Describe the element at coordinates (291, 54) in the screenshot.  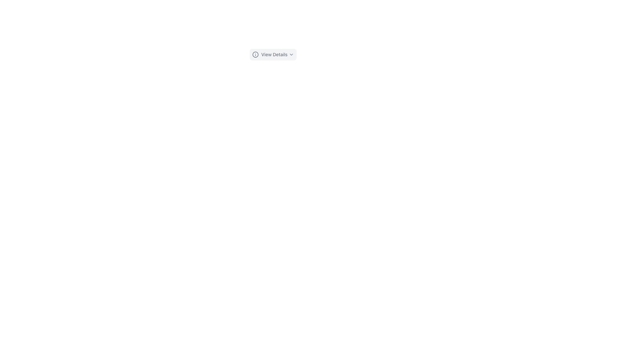
I see `the icon located to the right of the 'View Details' text in the button-like structure` at that location.